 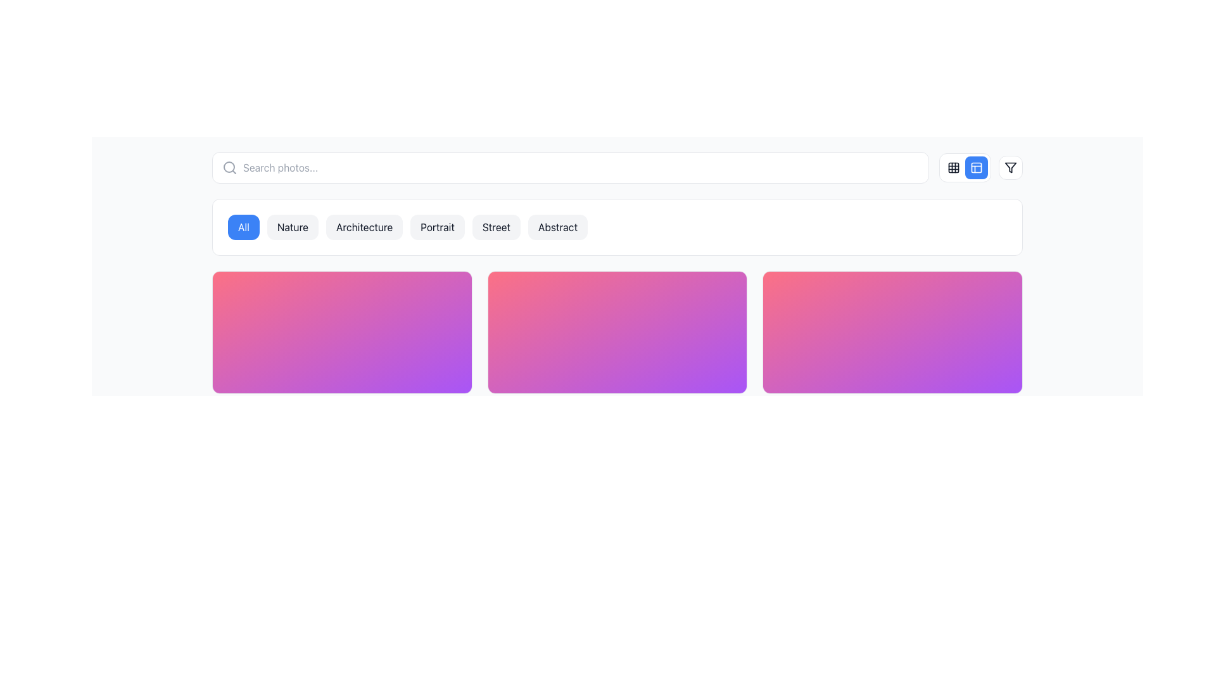 What do you see at coordinates (954, 167) in the screenshot?
I see `the grid view toggle button located in the upper-right section of the interface, positioned to the left of a blue square icon and a filter icon, to switch to a grid layout` at bounding box center [954, 167].